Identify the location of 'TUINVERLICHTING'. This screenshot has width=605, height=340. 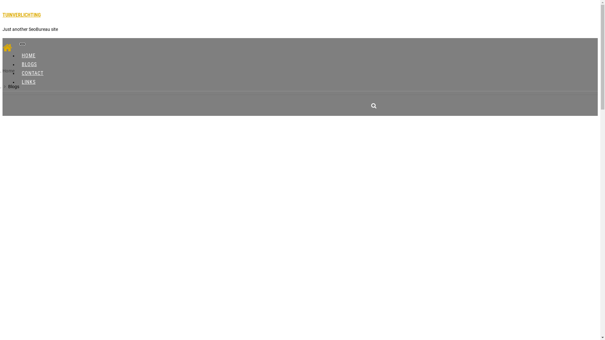
(21, 14).